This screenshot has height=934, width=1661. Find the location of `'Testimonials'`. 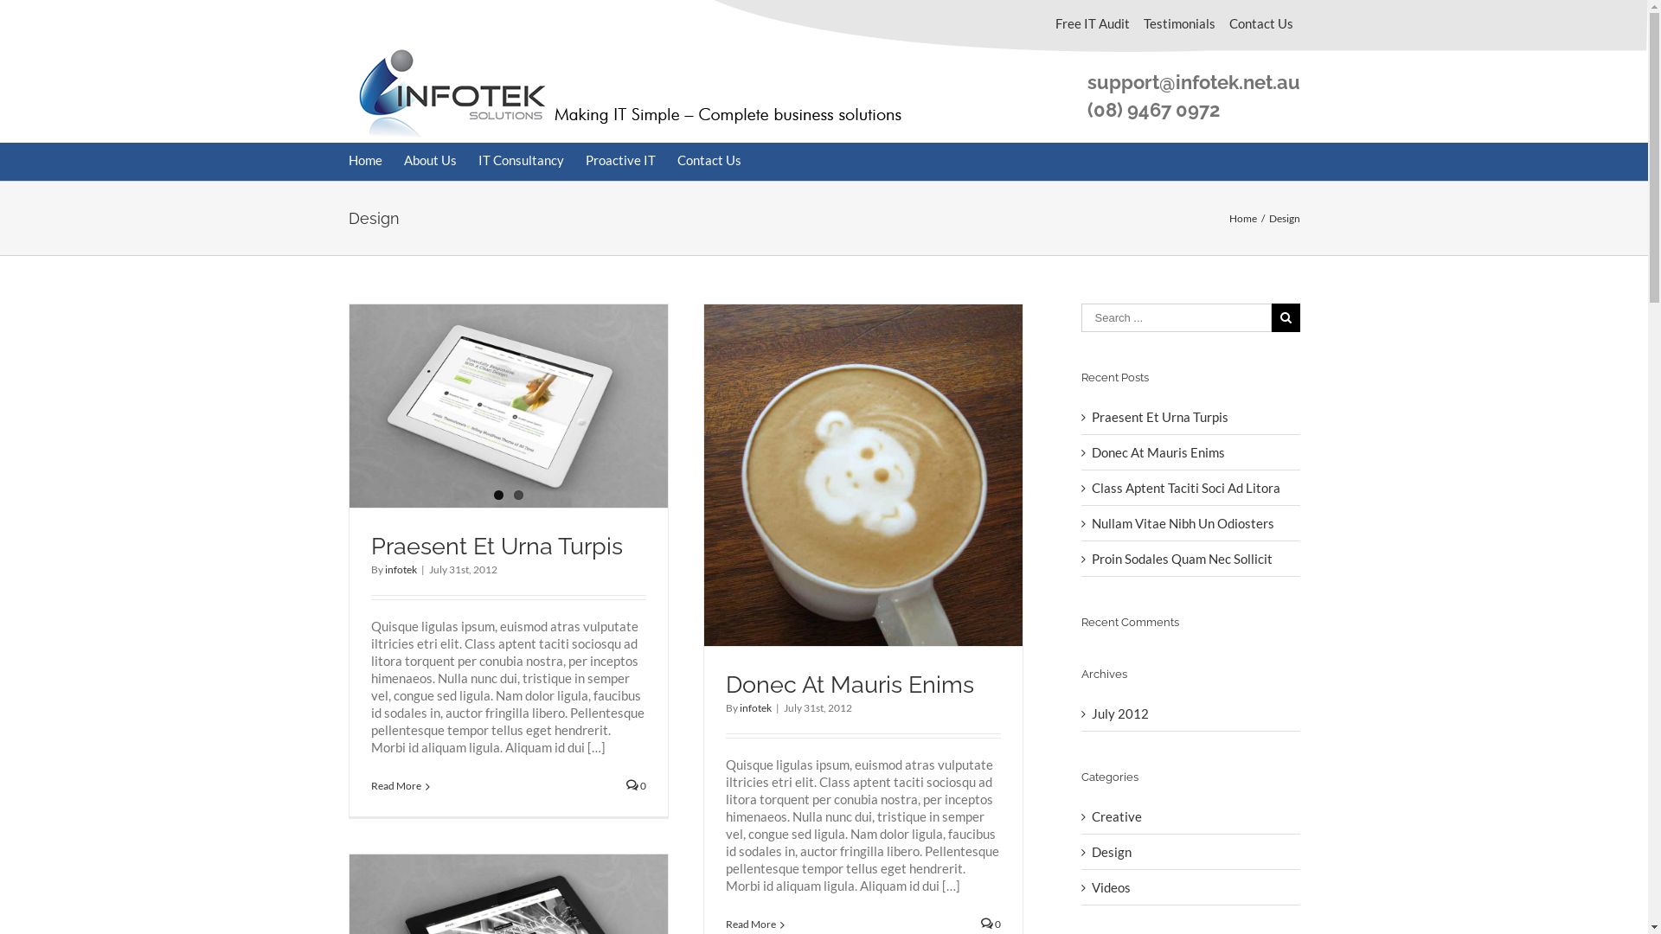

'Testimonials' is located at coordinates (1137, 23).